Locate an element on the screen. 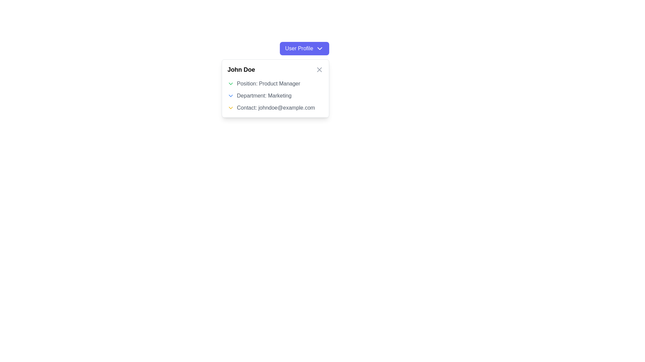  the downward-pointing chevron icon that precedes the text 'Position: Product Manager' is located at coordinates (231, 83).